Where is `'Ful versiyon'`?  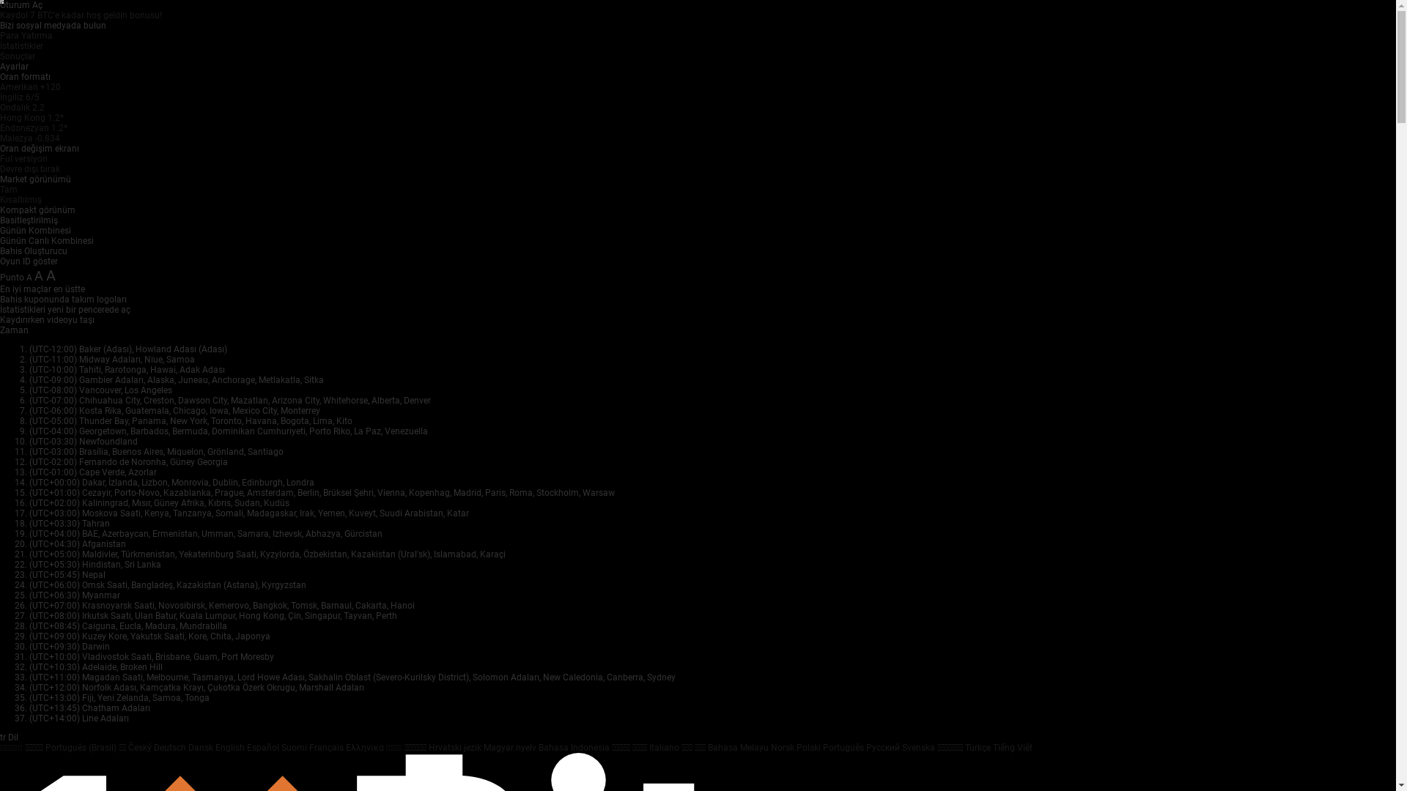 'Ful versiyon' is located at coordinates (23, 158).